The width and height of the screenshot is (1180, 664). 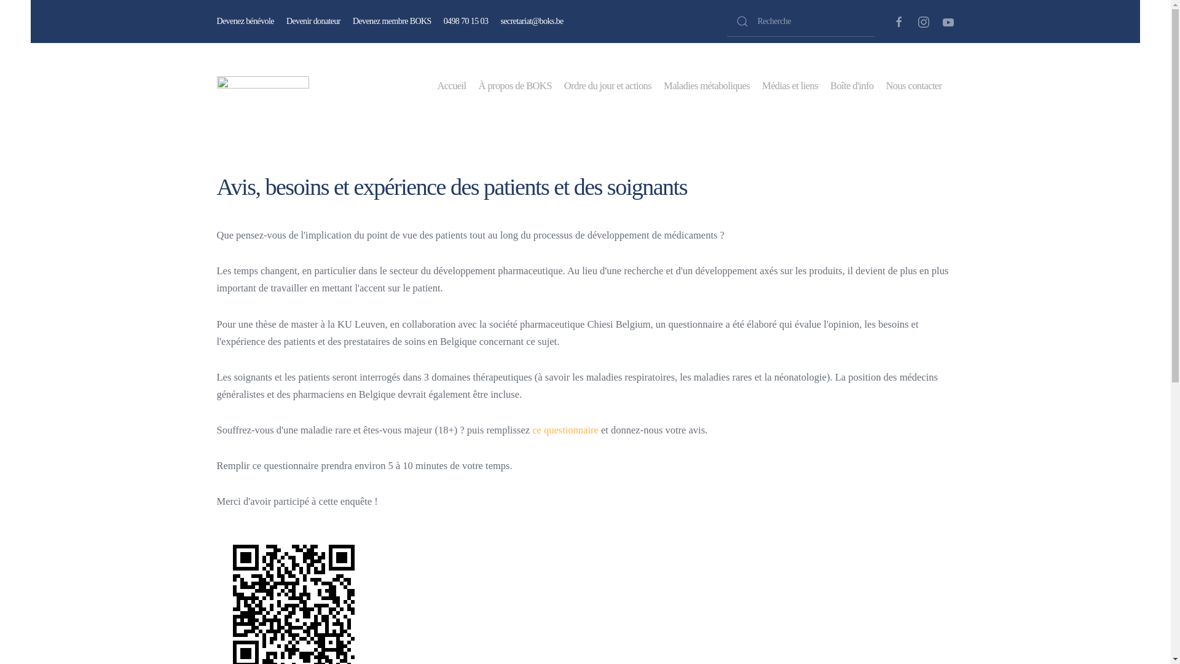 I want to click on 'Nous contacter', so click(x=885, y=85).